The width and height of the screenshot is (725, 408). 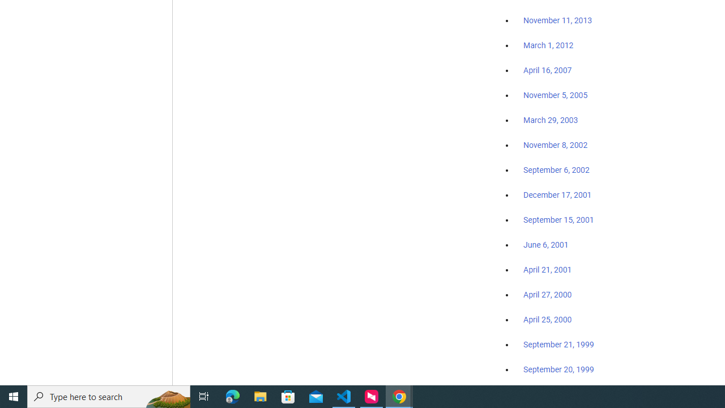 What do you see at coordinates (558, 369) in the screenshot?
I see `'September 20, 1999'` at bounding box center [558, 369].